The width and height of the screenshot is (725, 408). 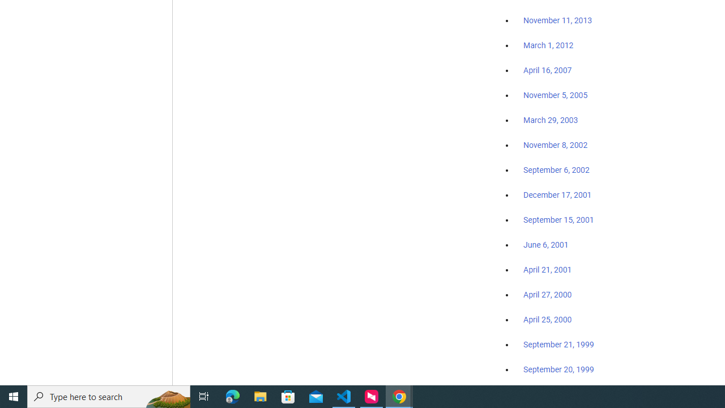 What do you see at coordinates (558, 369) in the screenshot?
I see `'September 20, 1999'` at bounding box center [558, 369].